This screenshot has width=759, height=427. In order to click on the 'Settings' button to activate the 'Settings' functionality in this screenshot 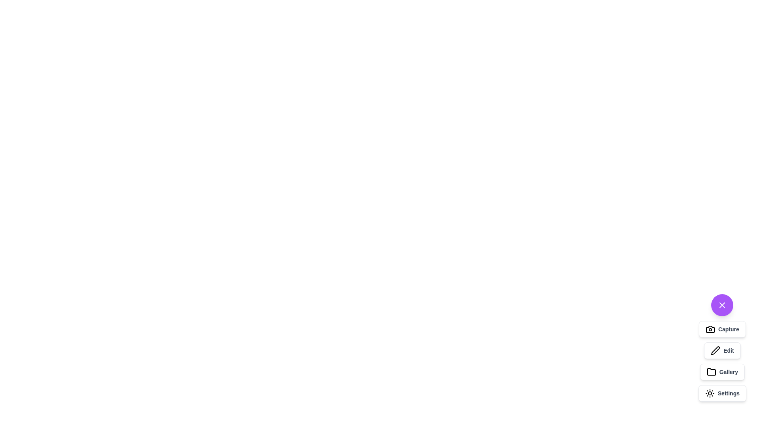, I will do `click(722, 393)`.